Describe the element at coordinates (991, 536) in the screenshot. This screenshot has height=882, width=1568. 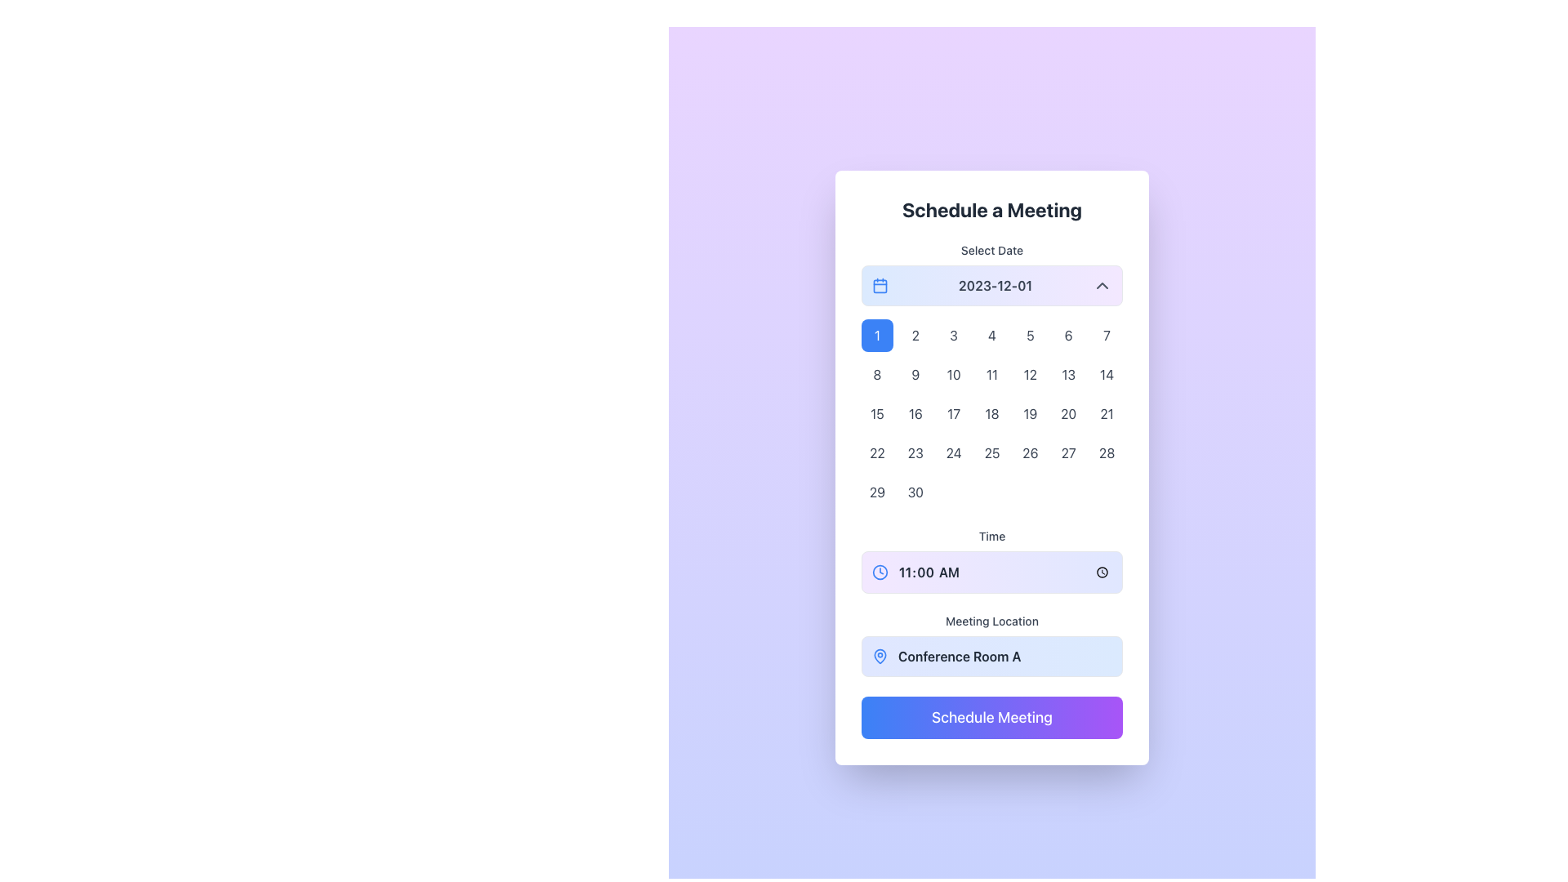
I see `the label that provides context for the time selection input field, positioned centrally above the time selector field` at that location.